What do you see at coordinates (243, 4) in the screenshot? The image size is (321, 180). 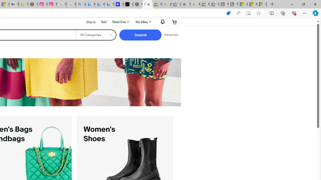 I see `'Shanghai, China hourly forecast | Microsoft Weather'` at bounding box center [243, 4].